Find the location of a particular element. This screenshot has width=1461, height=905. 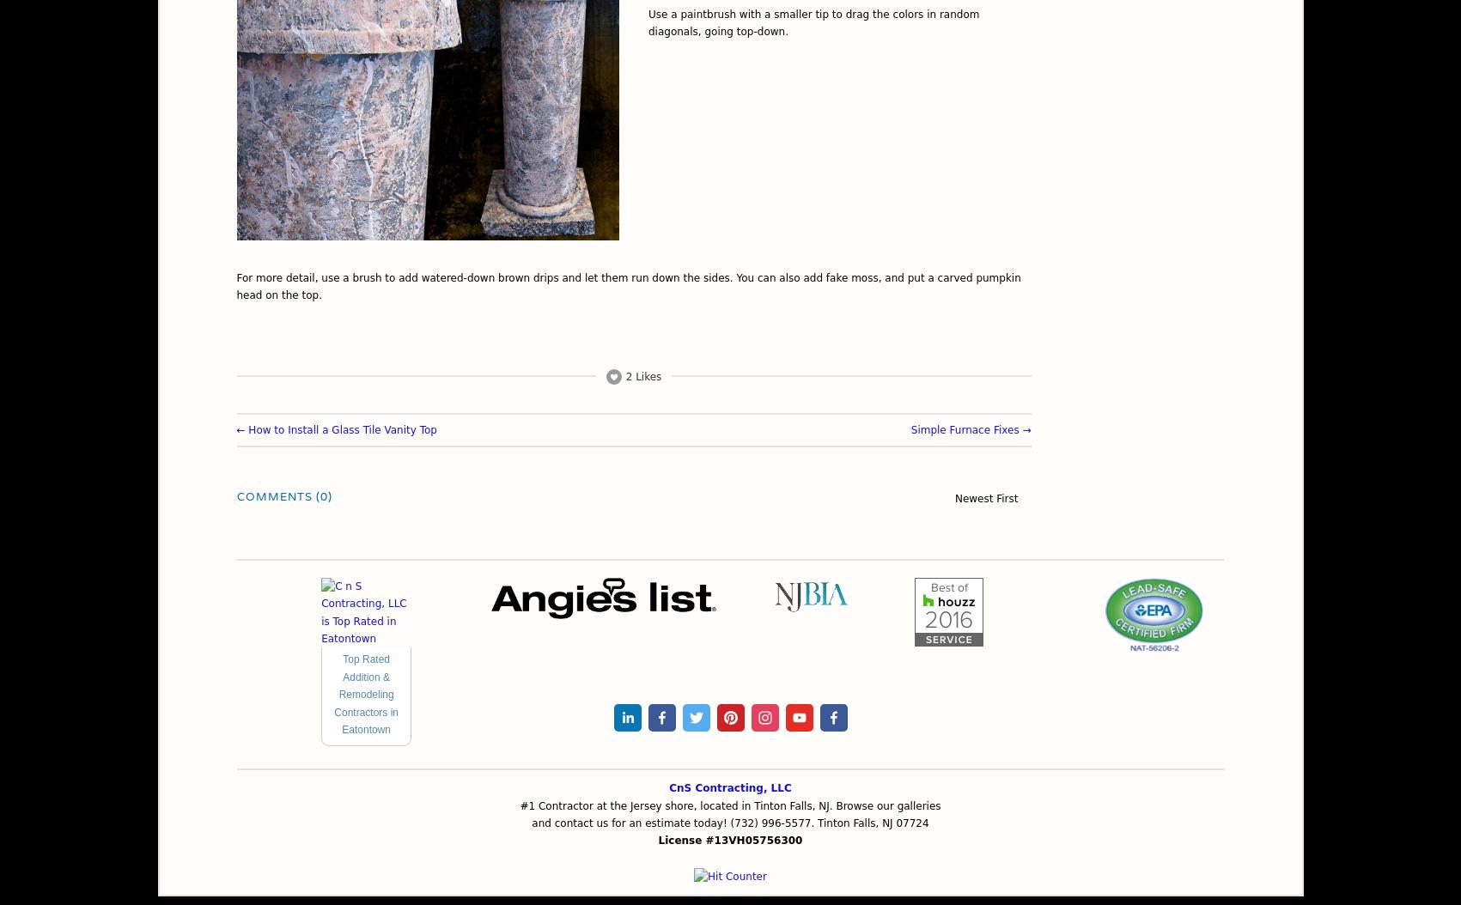

'Simple Furnace Fixes →' is located at coordinates (969, 428).